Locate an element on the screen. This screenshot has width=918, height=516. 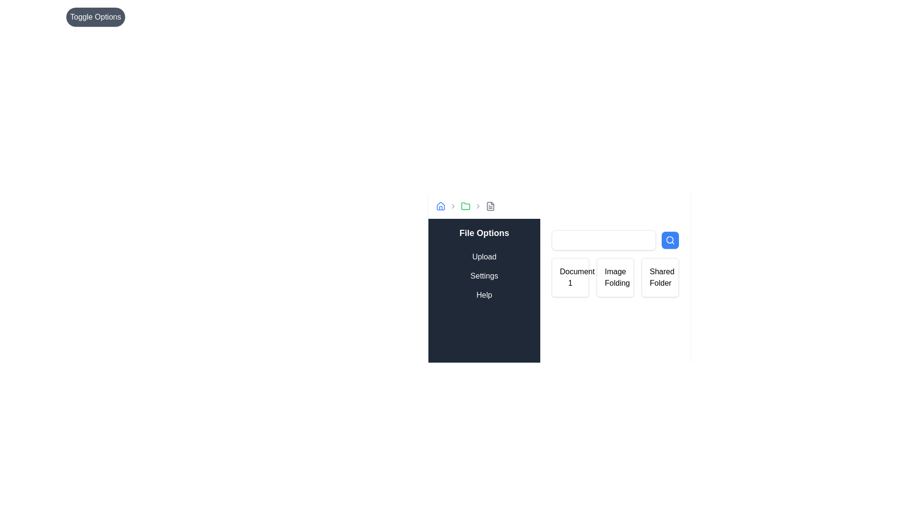
the folder icon located in the fifth position of a row of icons, which is situated between a right-chevron icon and another similar chevron icon is located at coordinates (466, 206).